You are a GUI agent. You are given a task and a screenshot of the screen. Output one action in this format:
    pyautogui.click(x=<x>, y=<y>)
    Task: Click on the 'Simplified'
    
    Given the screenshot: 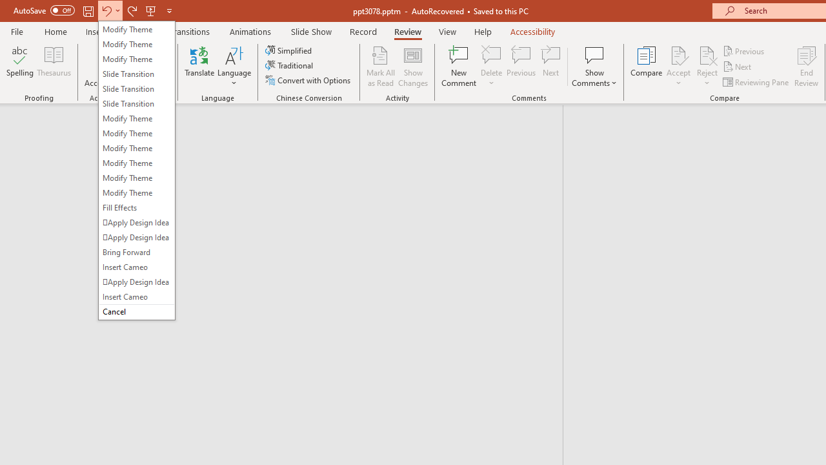 What is the action you would take?
    pyautogui.click(x=289, y=50)
    